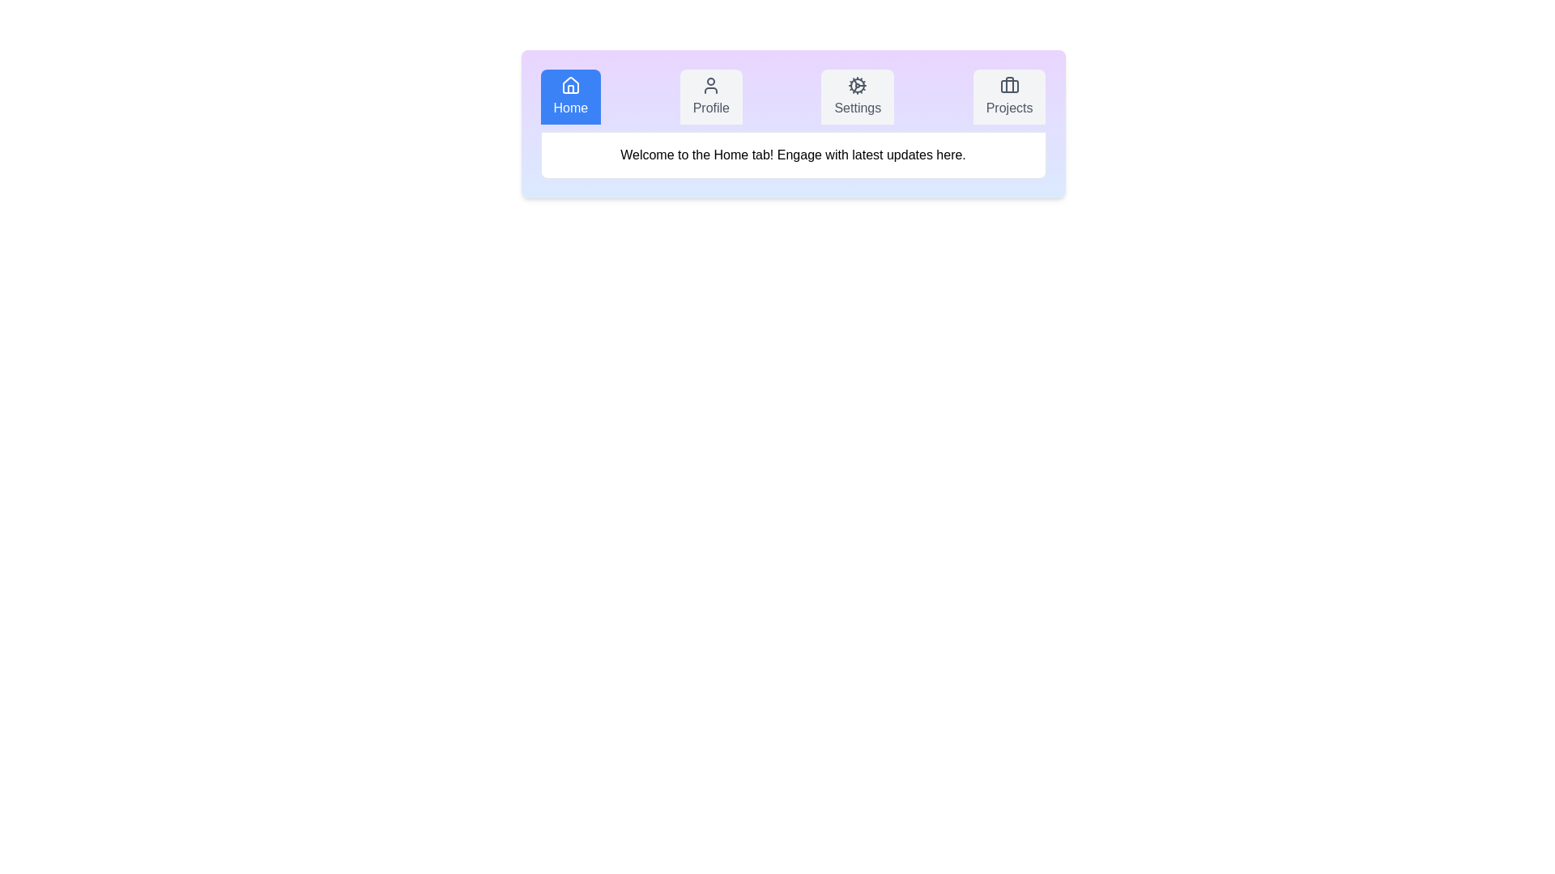  What do you see at coordinates (570, 85) in the screenshot?
I see `keyboard navigation` at bounding box center [570, 85].